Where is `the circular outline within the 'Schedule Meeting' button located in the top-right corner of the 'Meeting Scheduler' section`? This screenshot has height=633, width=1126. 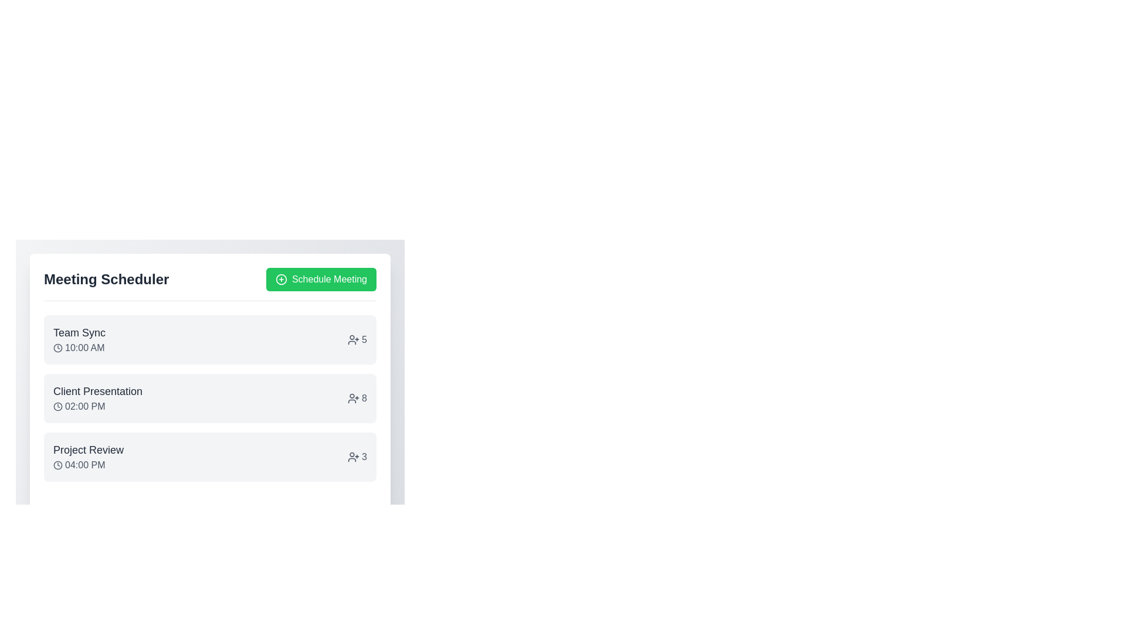
the circular outline within the 'Schedule Meeting' button located in the top-right corner of the 'Meeting Scheduler' section is located at coordinates (281, 280).